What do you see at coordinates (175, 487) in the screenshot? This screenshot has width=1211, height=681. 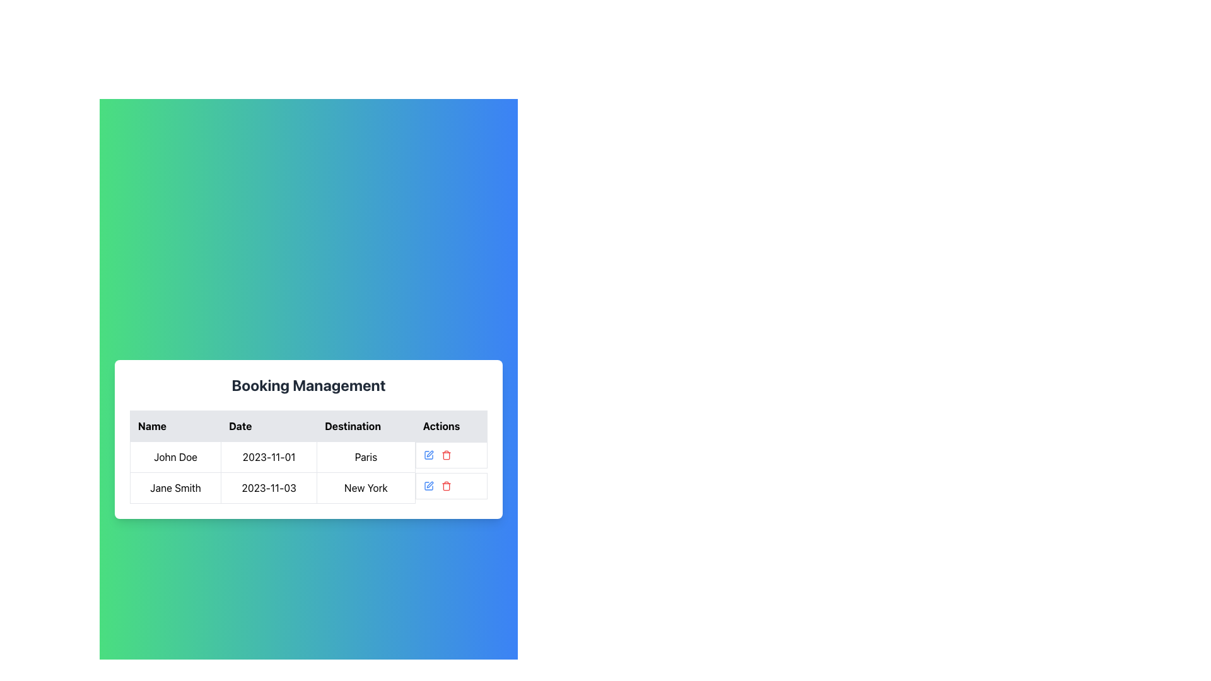 I see `the text element containing 'Jane Smith' located in the second row of the table under the 'Name' column` at bounding box center [175, 487].